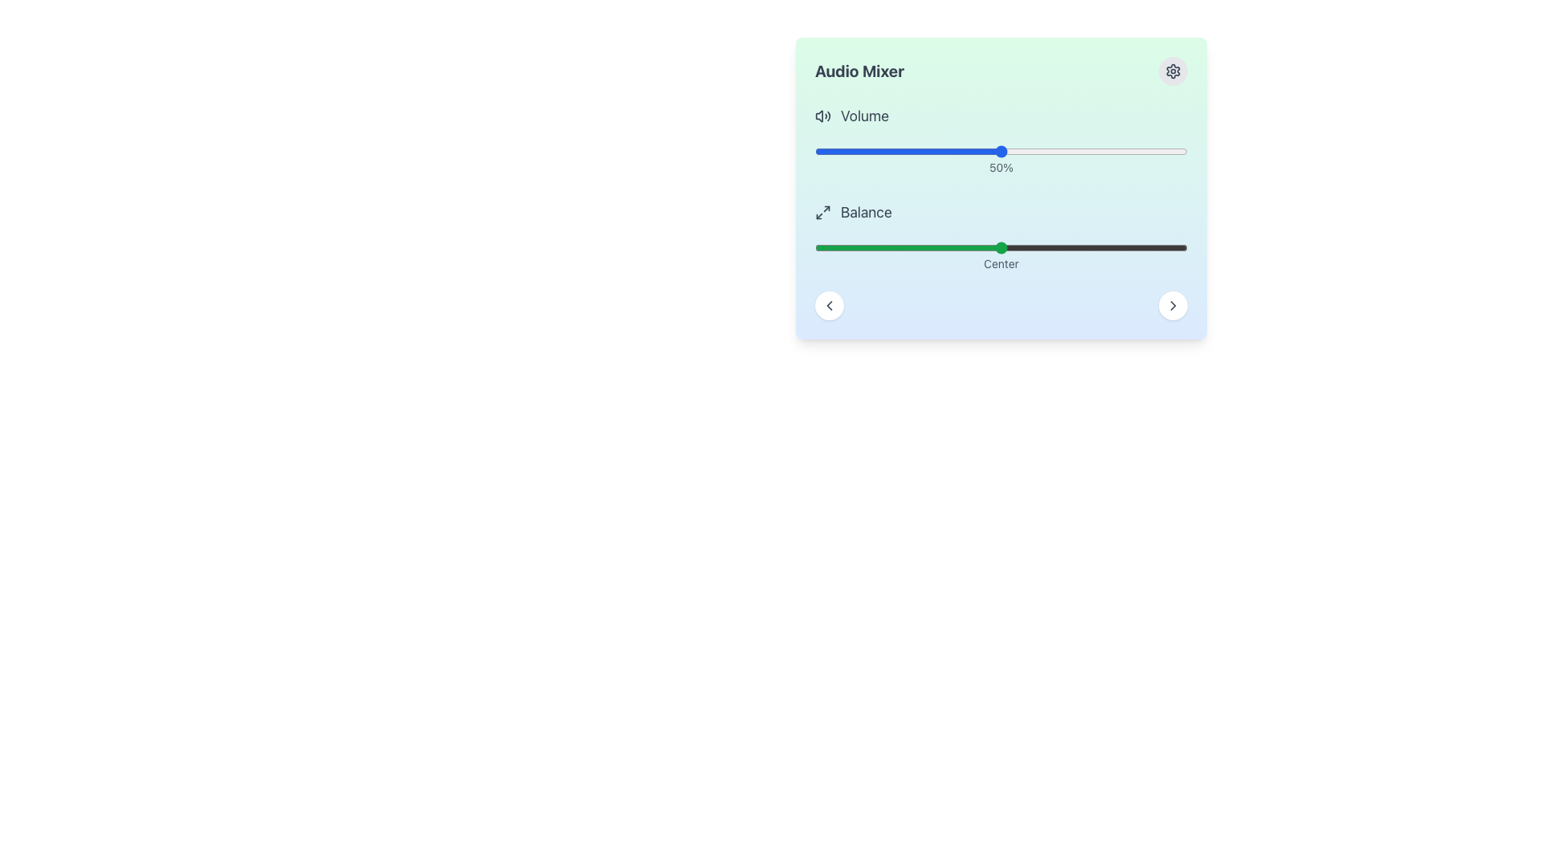 This screenshot has width=1542, height=867. What do you see at coordinates (829, 306) in the screenshot?
I see `the circular Icon Button in the bottom-left corner of the 'Audio Mixer' card` at bounding box center [829, 306].